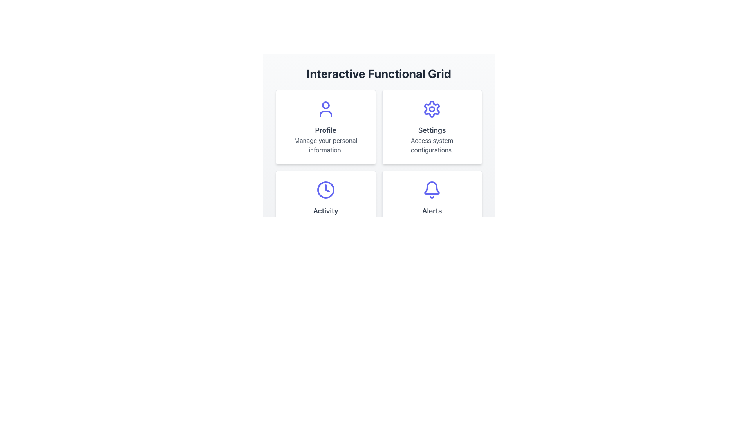  What do you see at coordinates (432, 109) in the screenshot?
I see `the small SVG circle element that is located at the center of the 'Settings' icon within the gear design, positioned in the top-right section of the interaction grid` at bounding box center [432, 109].